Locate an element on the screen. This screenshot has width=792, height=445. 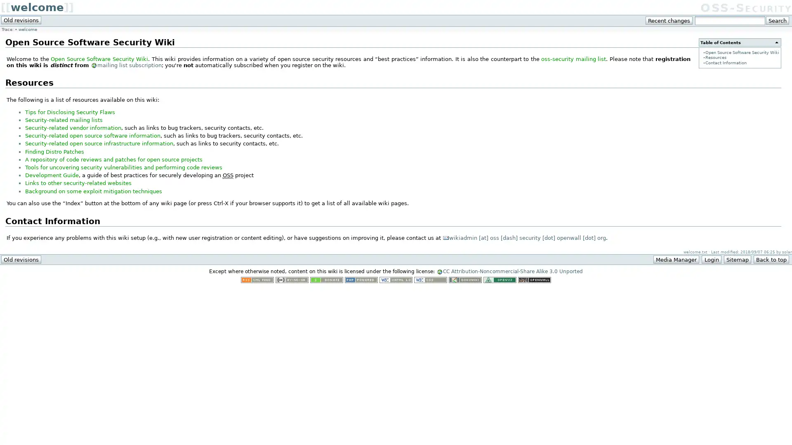
Old revisions is located at coordinates (21, 20).